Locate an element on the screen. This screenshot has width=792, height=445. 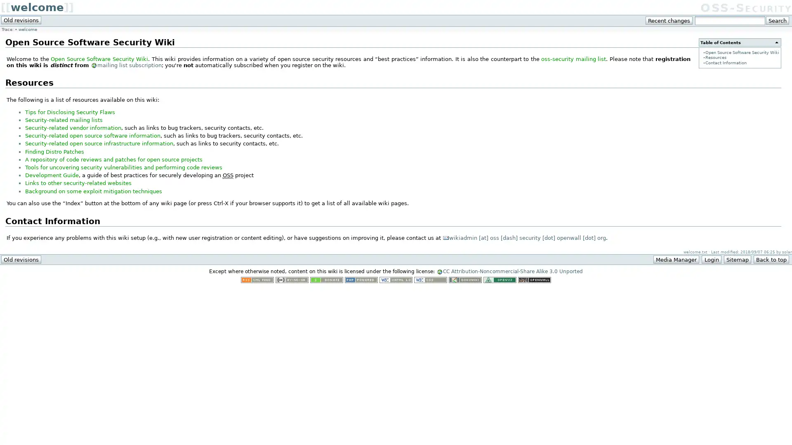
Old revisions is located at coordinates (21, 20).